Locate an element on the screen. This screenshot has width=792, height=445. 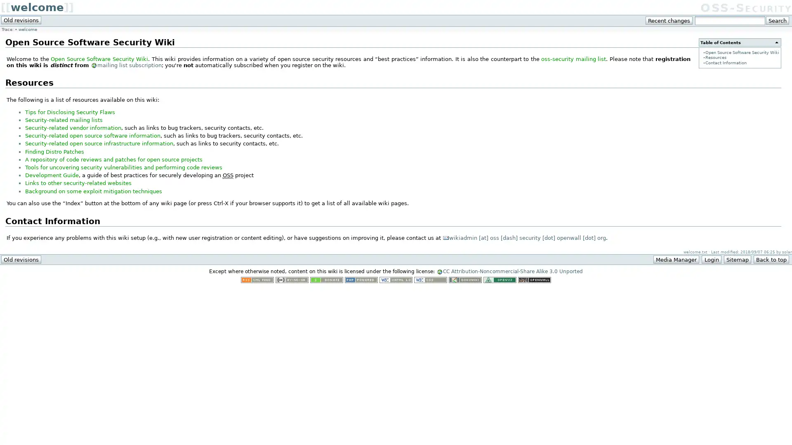
Old revisions is located at coordinates (21, 20).